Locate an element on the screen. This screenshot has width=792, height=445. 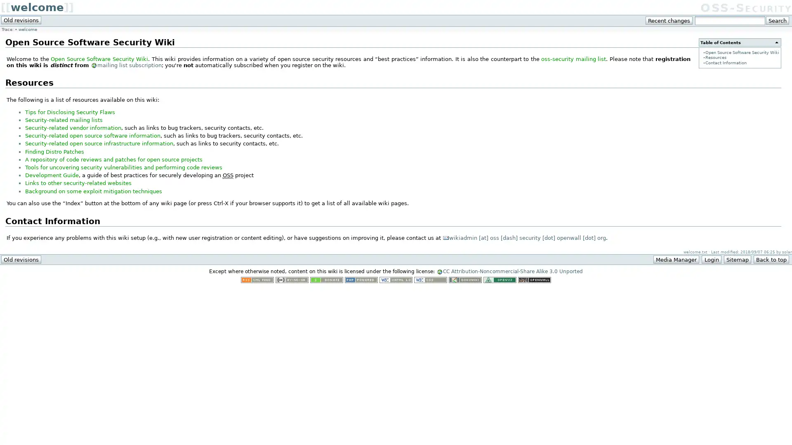
Old revisions is located at coordinates (21, 20).